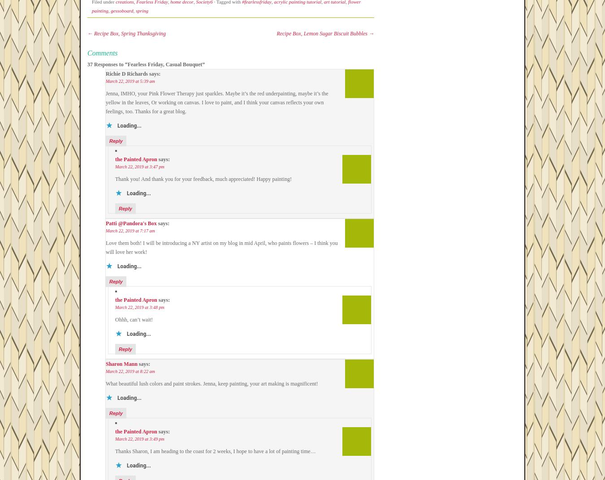 The width and height of the screenshot is (605, 480). I want to click on 'Thank you! And thank you for your feedback, much appreciated! Happy painting!', so click(203, 179).